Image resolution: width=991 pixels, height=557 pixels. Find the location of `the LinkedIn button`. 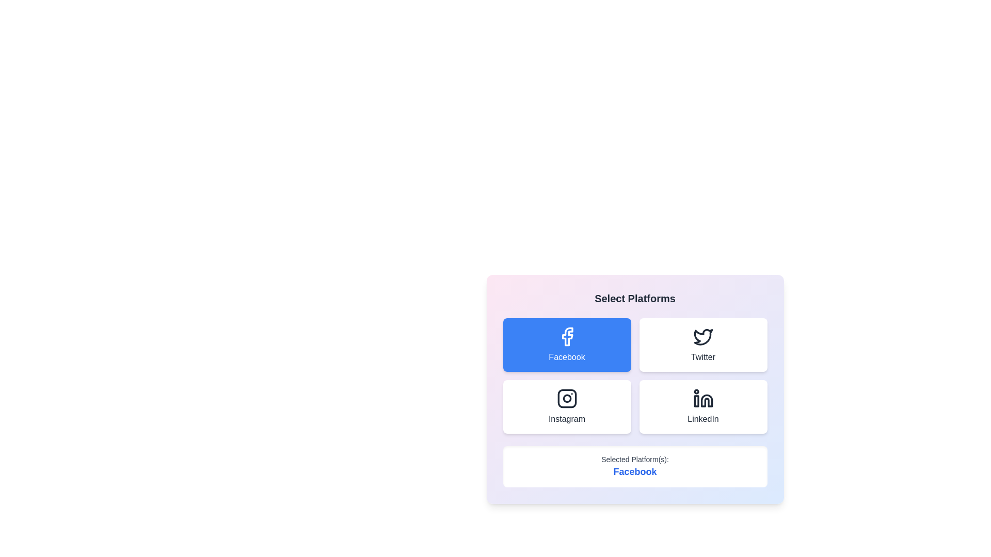

the LinkedIn button is located at coordinates (702, 406).